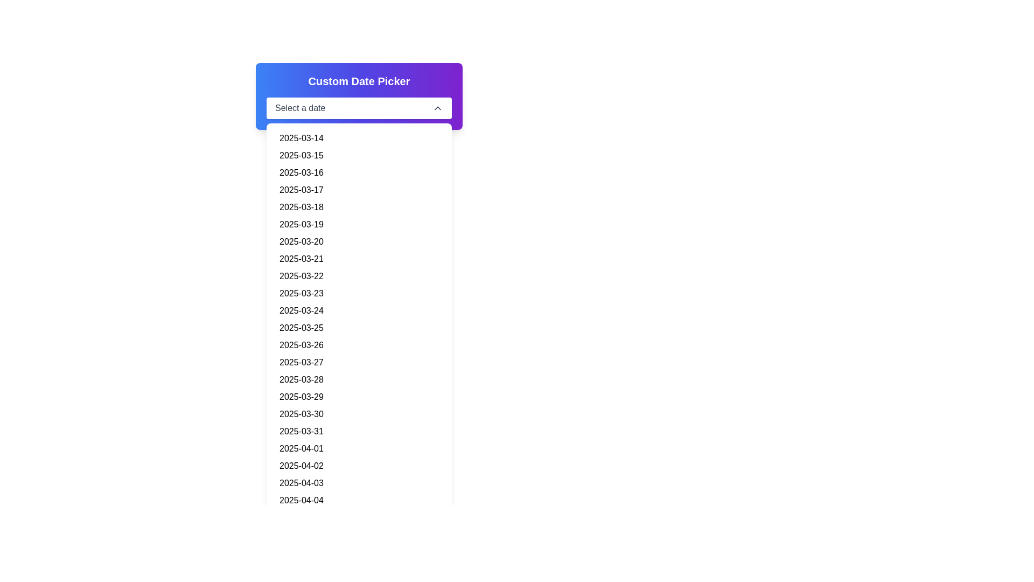 The image size is (1034, 582). I want to click on the List Item displaying the date '2025-03-20', which is the seventh entry in the dropdown list of a date picker, so click(359, 241).